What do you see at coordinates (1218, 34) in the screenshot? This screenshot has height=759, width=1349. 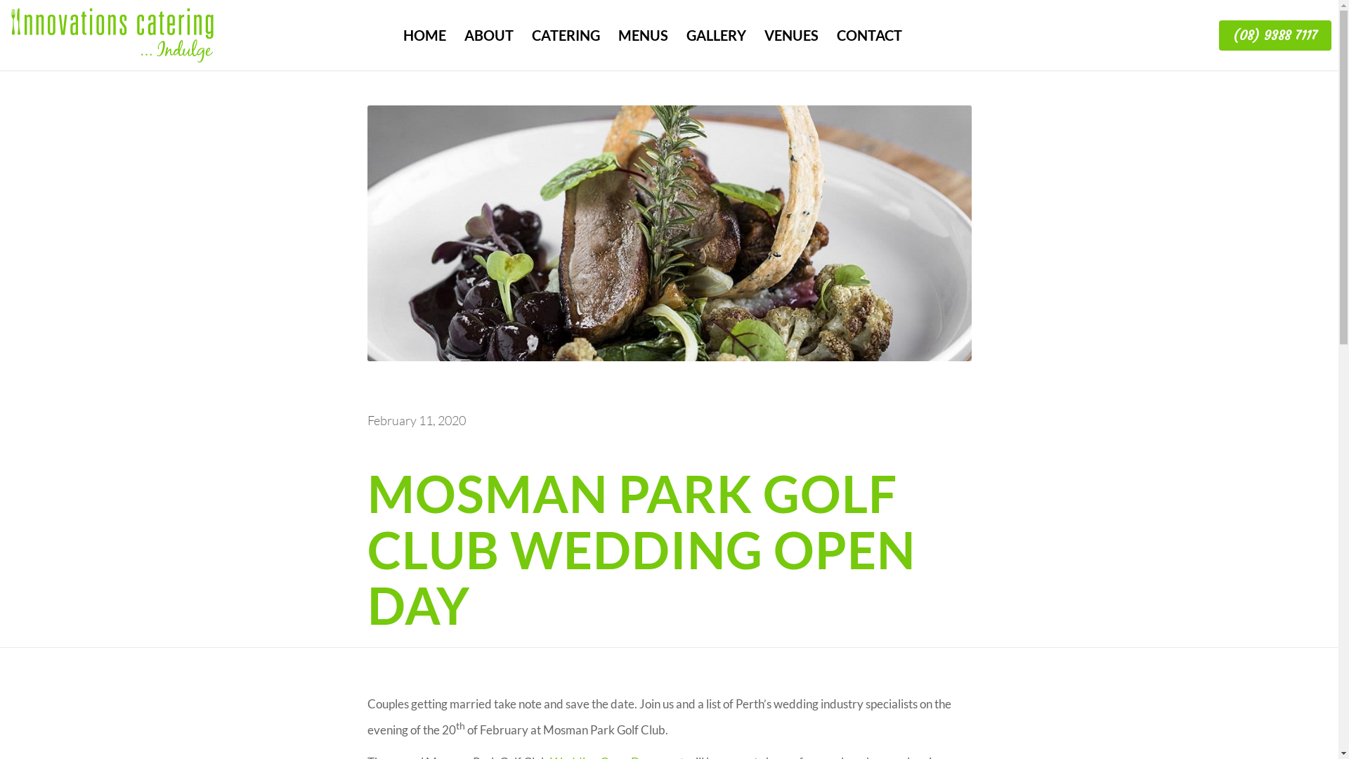 I see `'(08) 9388 7117'` at bounding box center [1218, 34].